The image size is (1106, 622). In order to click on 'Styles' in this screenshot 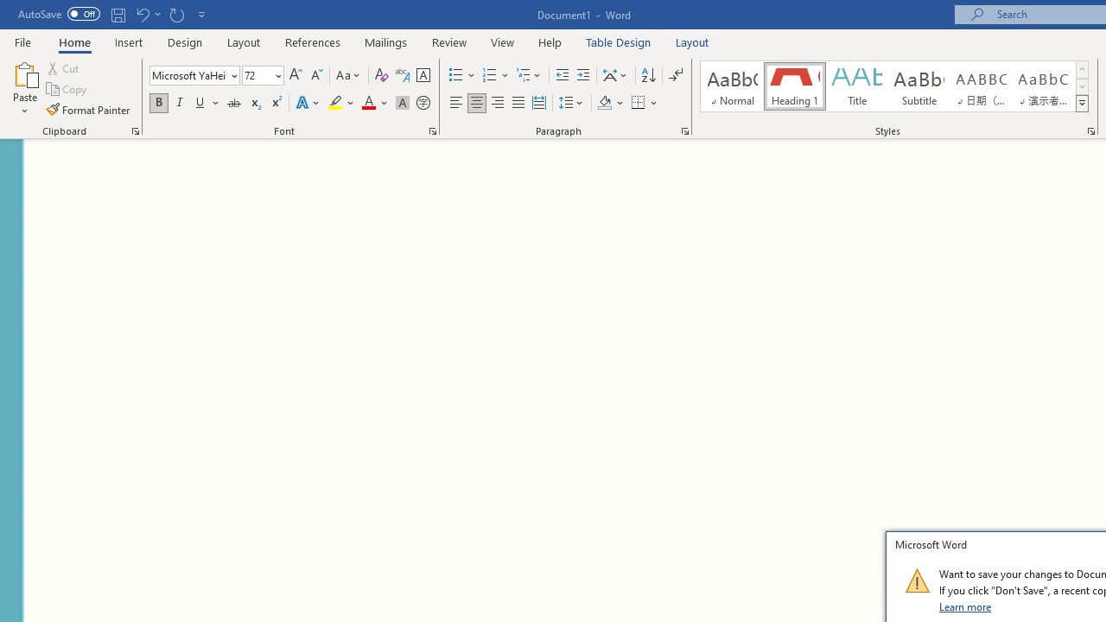, I will do `click(1081, 104)`.